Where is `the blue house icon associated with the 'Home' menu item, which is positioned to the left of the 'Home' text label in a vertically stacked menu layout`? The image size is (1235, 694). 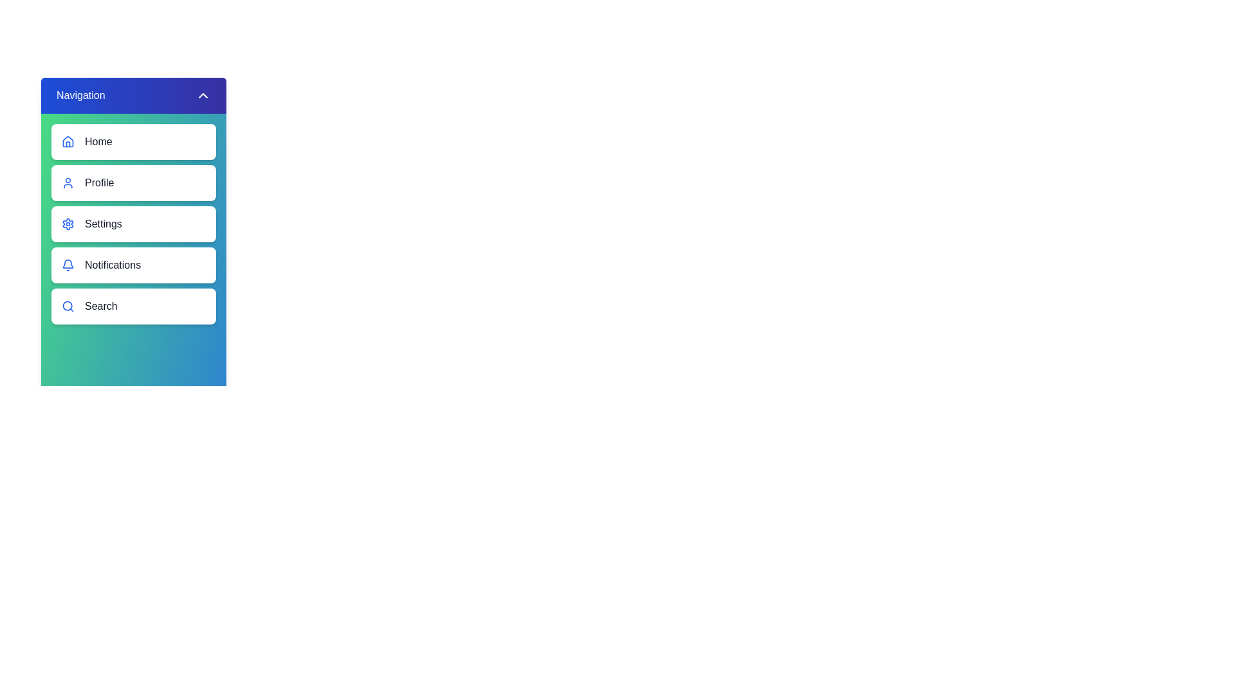
the blue house icon associated with the 'Home' menu item, which is positioned to the left of the 'Home' text label in a vertically stacked menu layout is located at coordinates (67, 141).